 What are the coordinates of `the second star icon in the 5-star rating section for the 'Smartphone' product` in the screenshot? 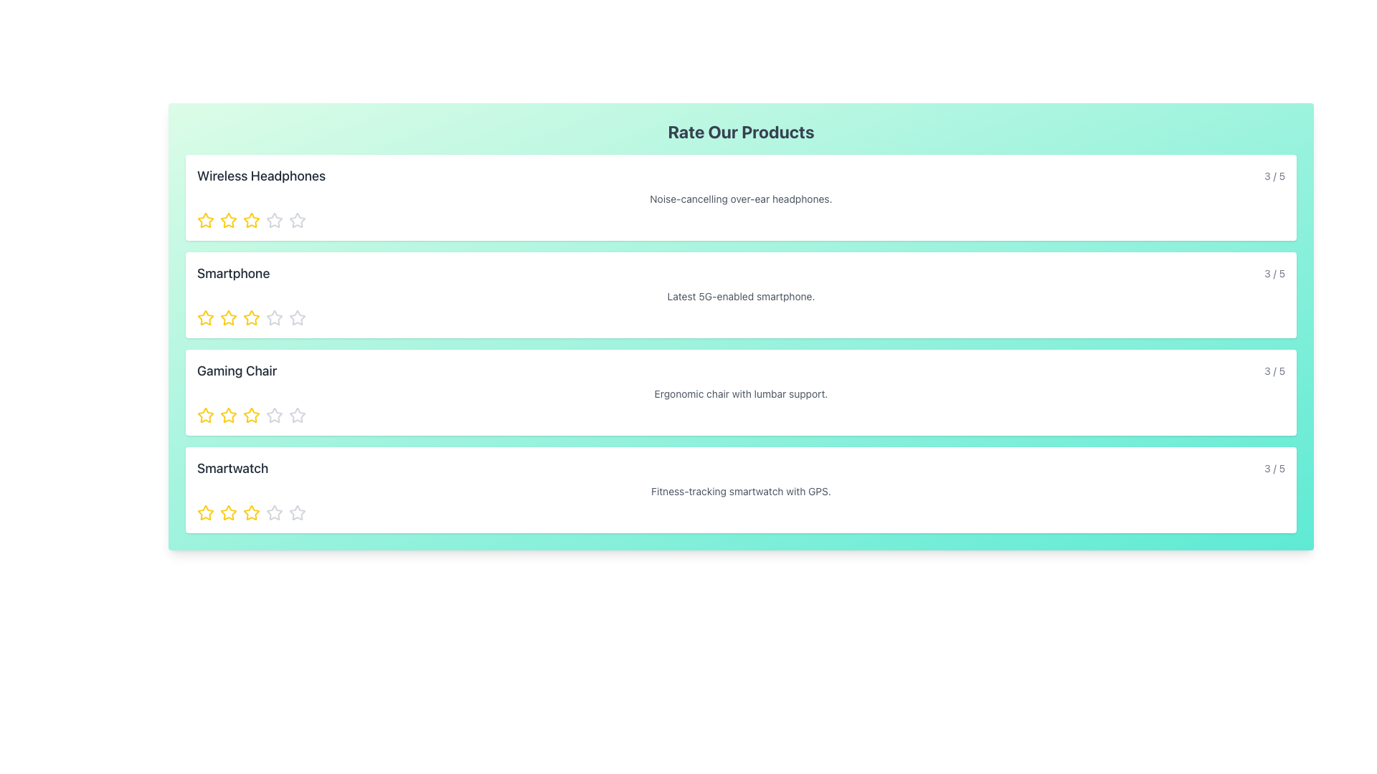 It's located at (251, 317).